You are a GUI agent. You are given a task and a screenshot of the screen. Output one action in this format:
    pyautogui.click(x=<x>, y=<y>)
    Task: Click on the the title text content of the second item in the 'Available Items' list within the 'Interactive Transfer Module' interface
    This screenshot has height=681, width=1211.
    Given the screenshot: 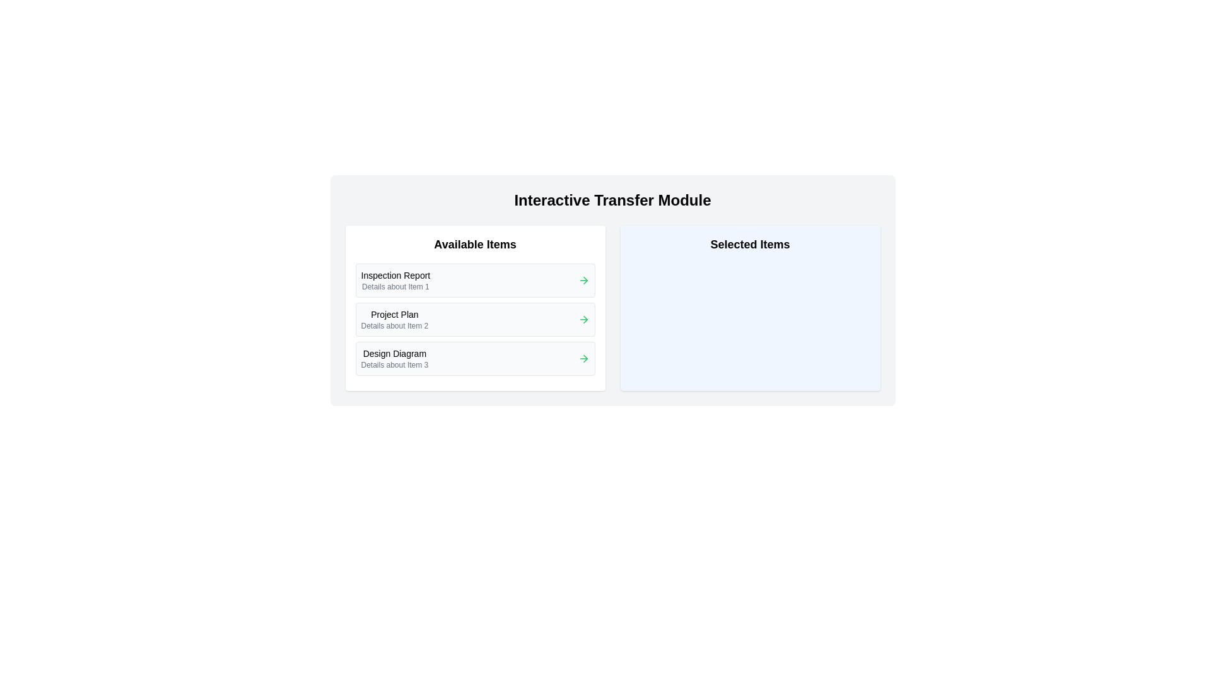 What is the action you would take?
    pyautogui.click(x=394, y=313)
    